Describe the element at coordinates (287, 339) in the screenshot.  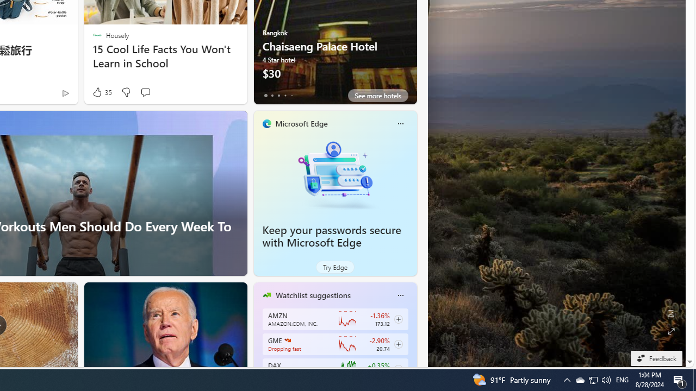
I see `'GAMESTOP CORP.'` at that location.